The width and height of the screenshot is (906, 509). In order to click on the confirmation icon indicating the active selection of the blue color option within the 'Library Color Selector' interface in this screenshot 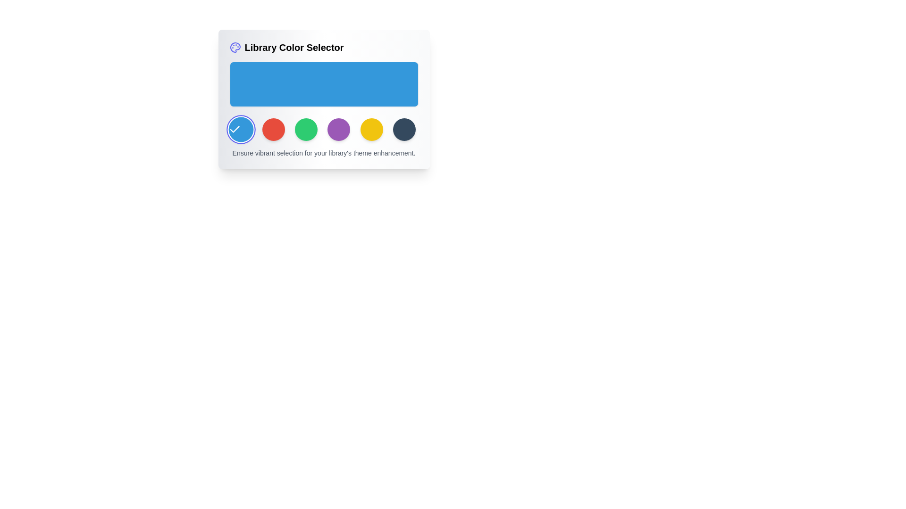, I will do `click(235, 129)`.